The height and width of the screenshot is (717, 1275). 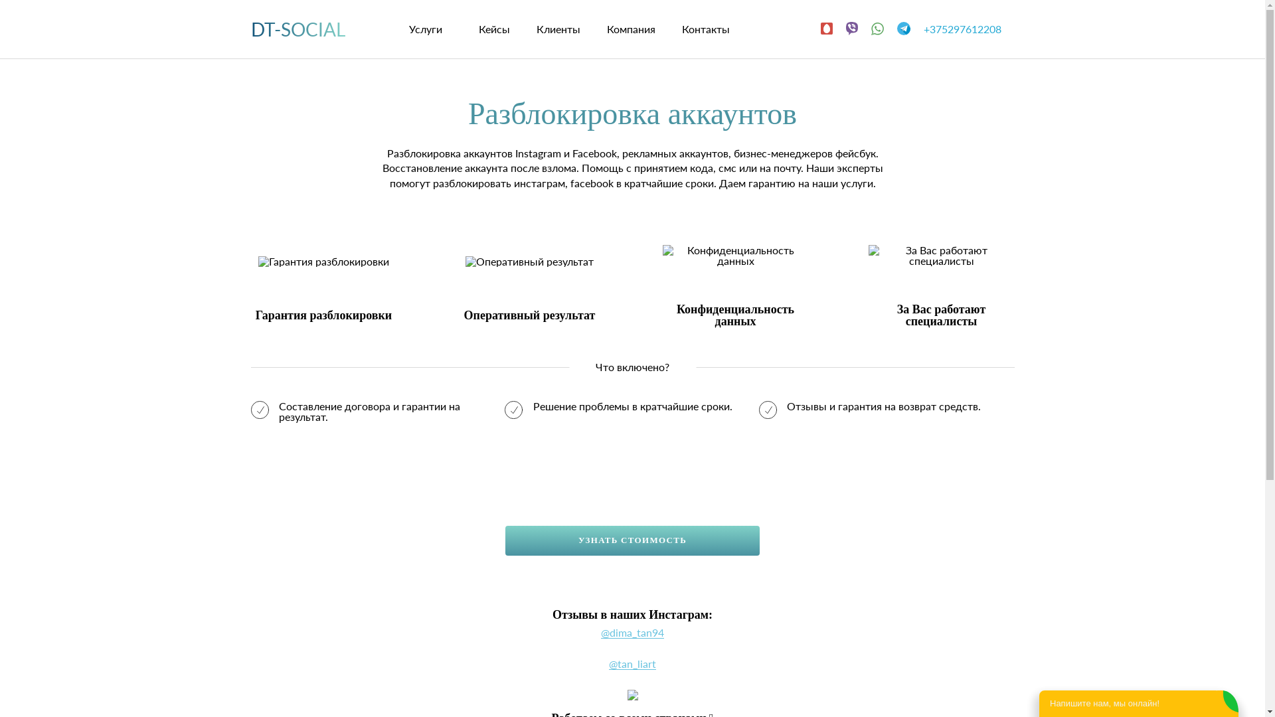 What do you see at coordinates (632, 664) in the screenshot?
I see `'@tan_liart'` at bounding box center [632, 664].